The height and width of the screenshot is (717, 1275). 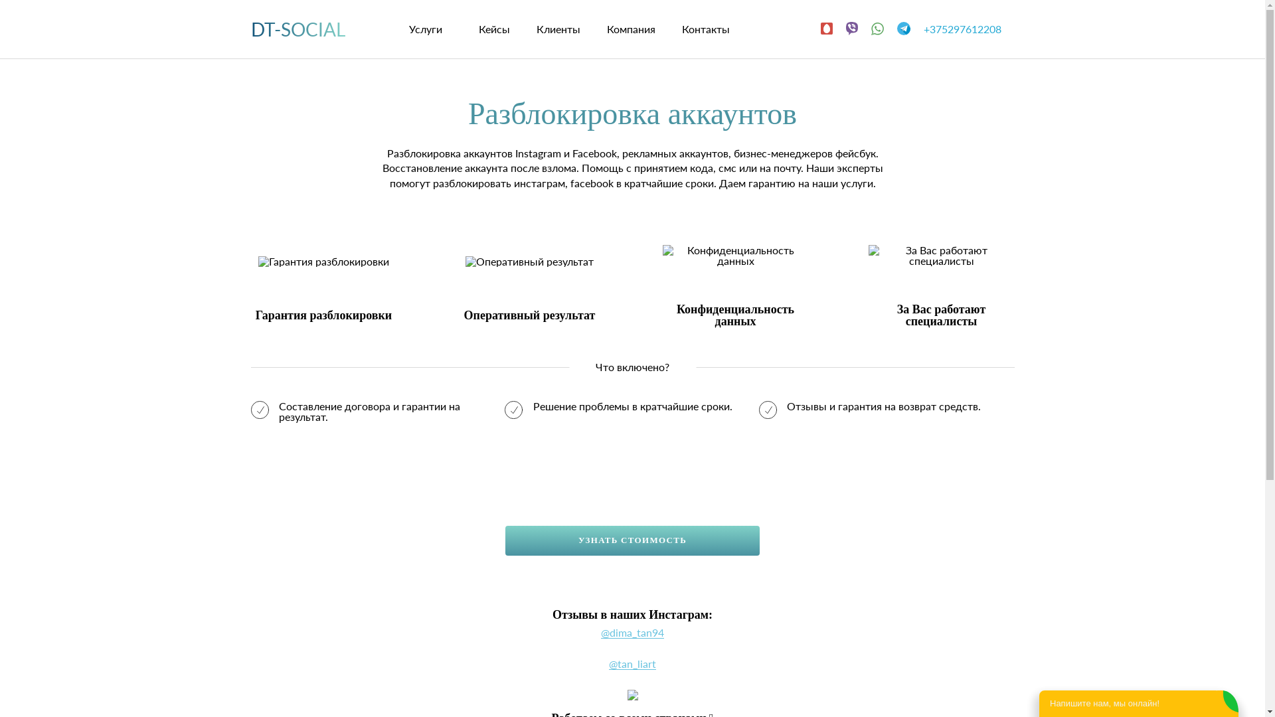 What do you see at coordinates (632, 664) in the screenshot?
I see `'@tan_liart'` at bounding box center [632, 664].